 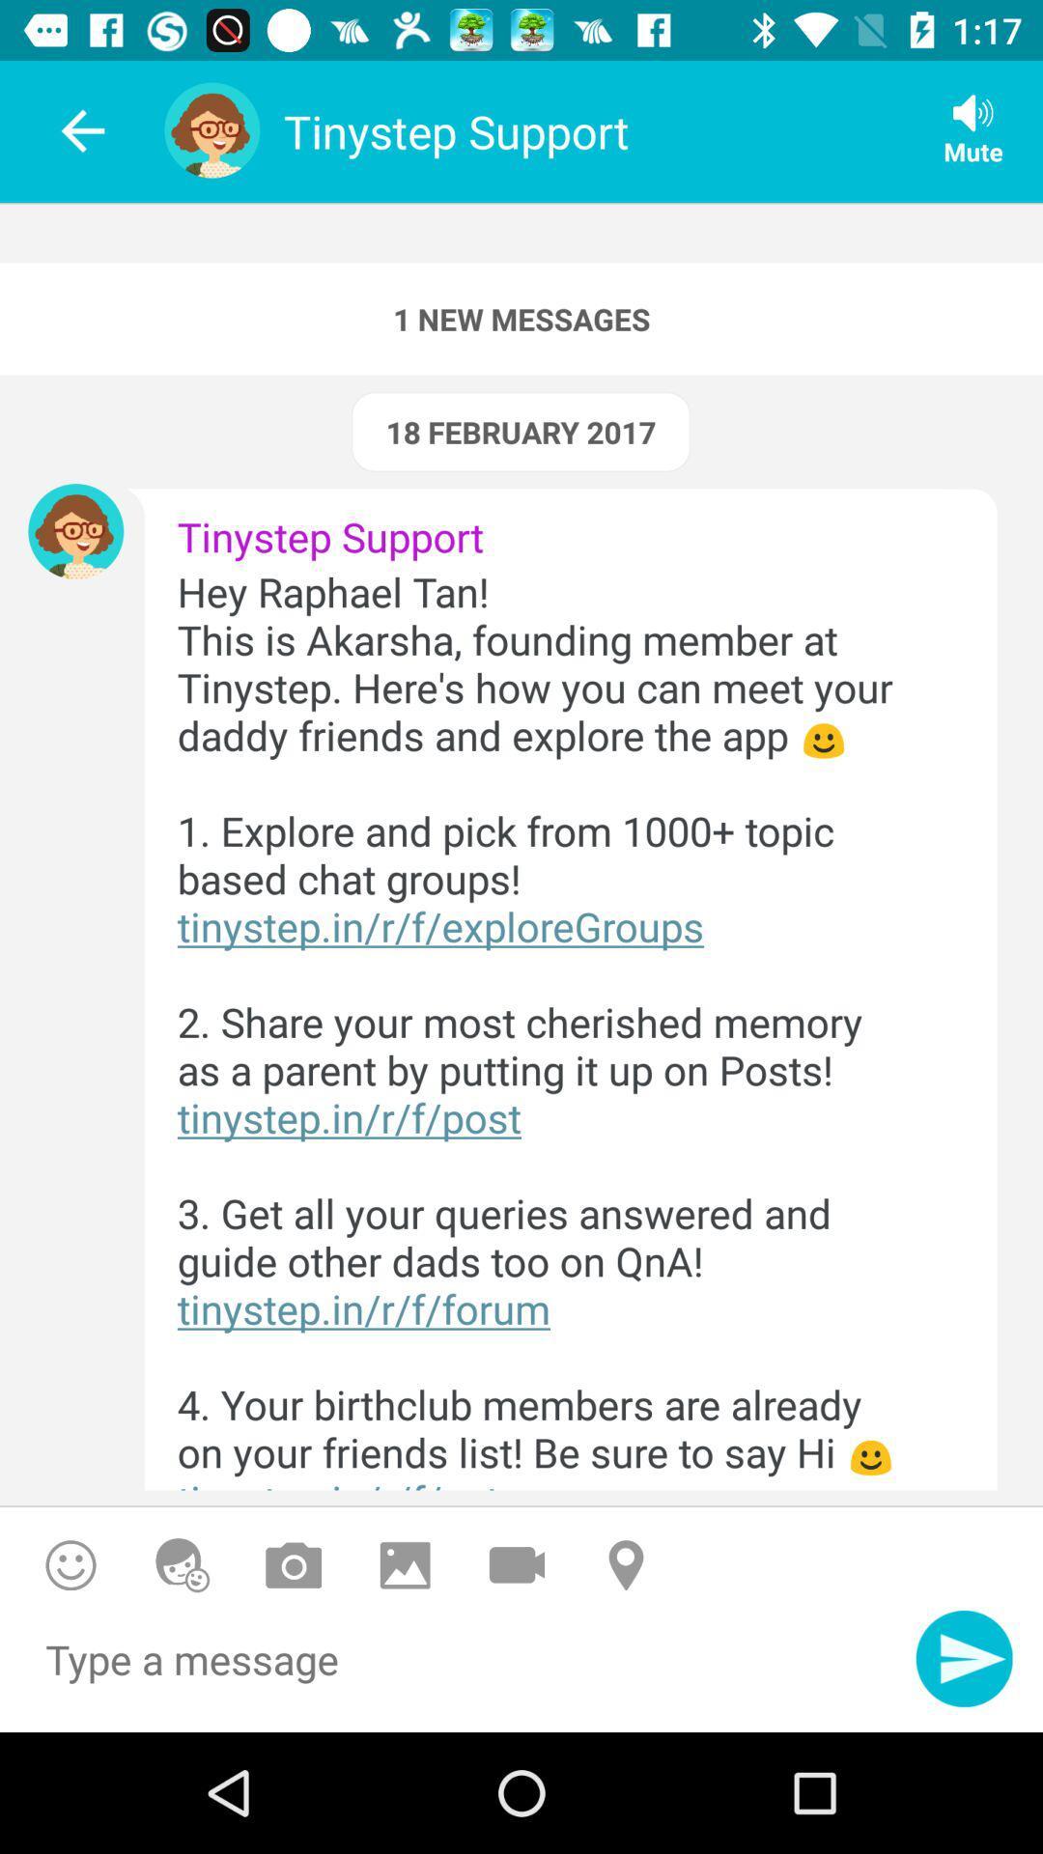 I want to click on the arrow_backward icon, so click(x=70, y=130).